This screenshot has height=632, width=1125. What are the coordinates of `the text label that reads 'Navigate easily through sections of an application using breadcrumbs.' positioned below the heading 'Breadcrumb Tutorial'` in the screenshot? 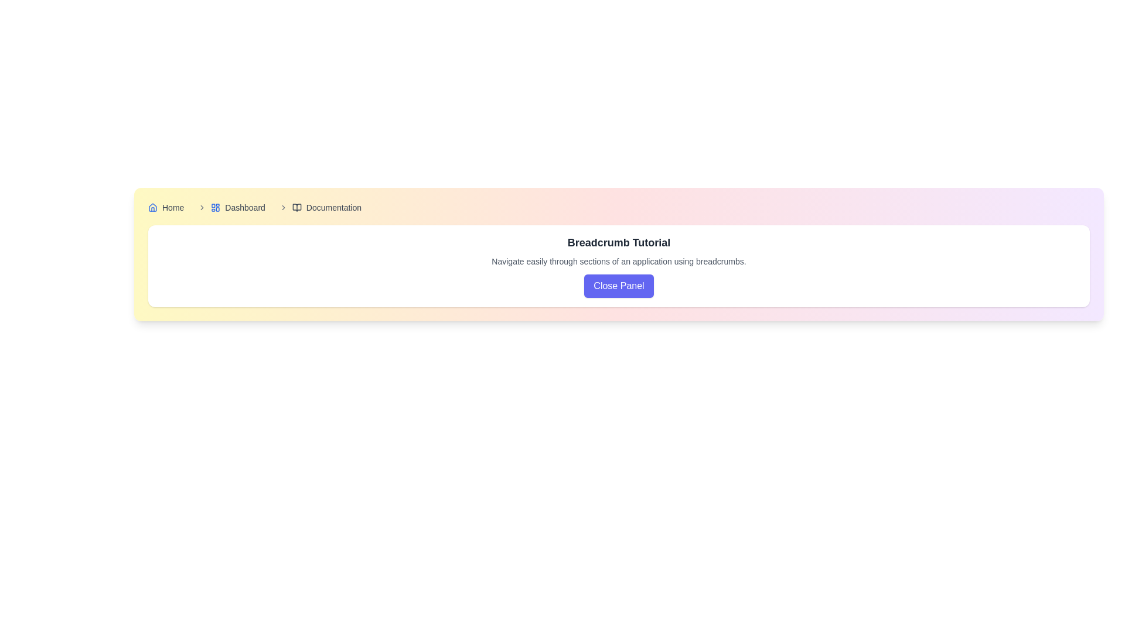 It's located at (618, 261).